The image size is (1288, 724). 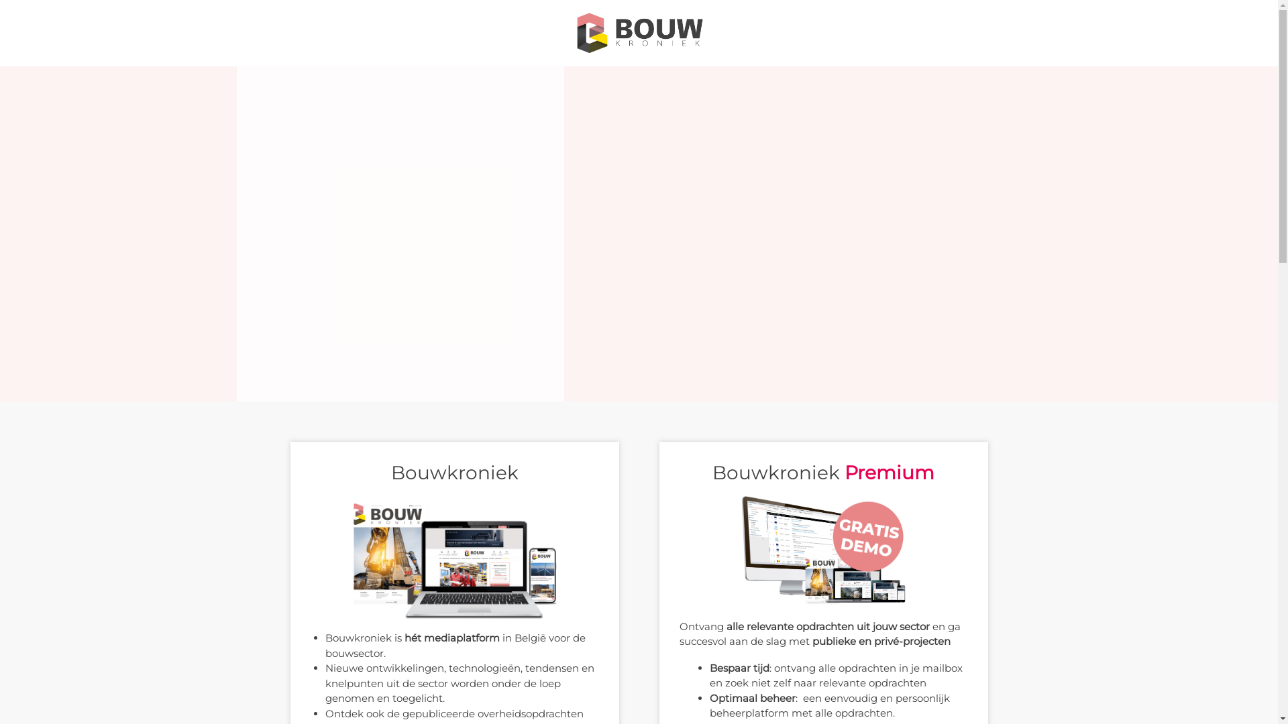 I want to click on 'BOUWKRONIEK-logo_plus_name_HORIZ', so click(x=637, y=32).